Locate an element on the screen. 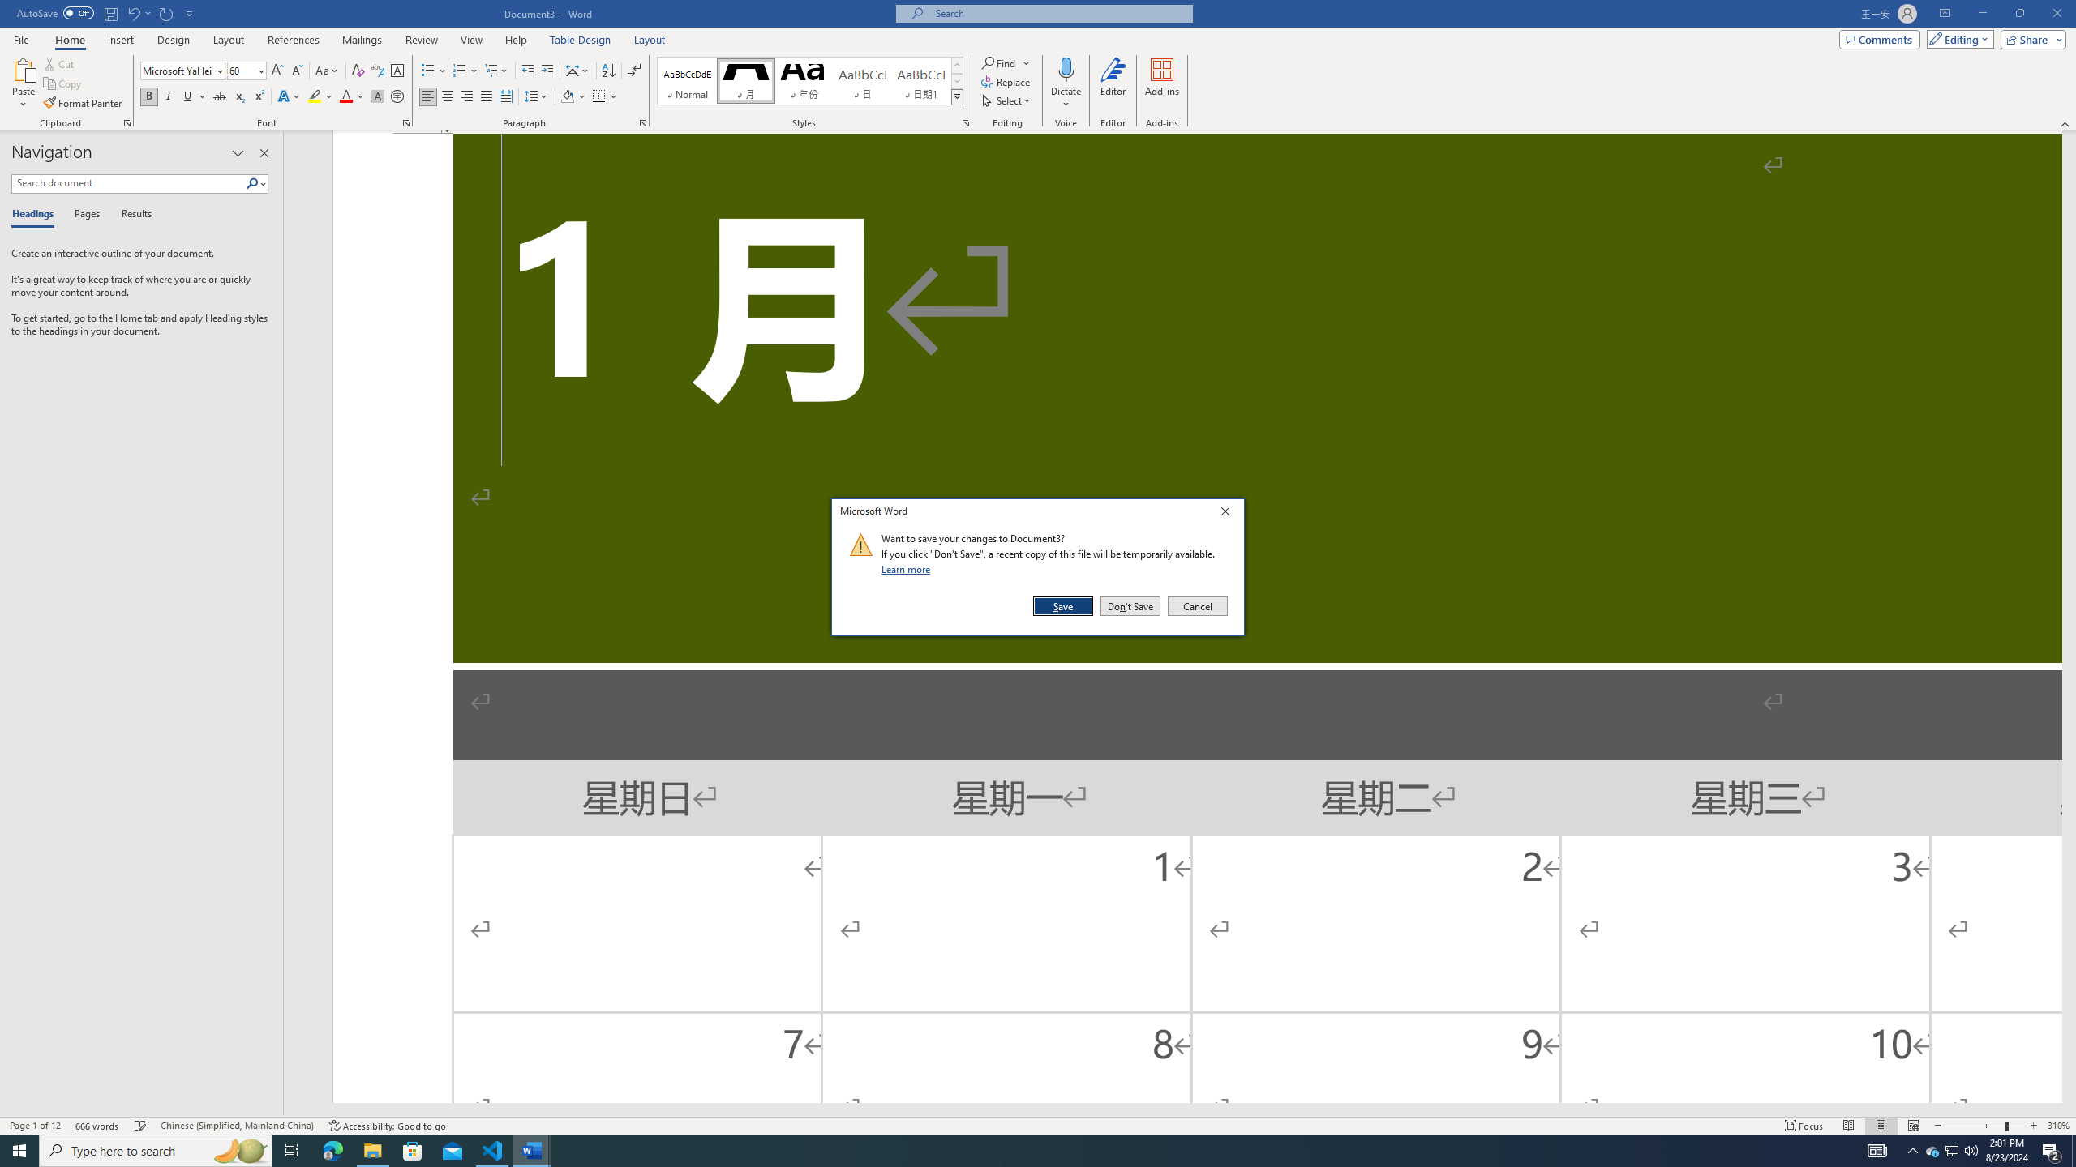 Image resolution: width=2076 pixels, height=1167 pixels. 'Select' is located at coordinates (1006, 99).